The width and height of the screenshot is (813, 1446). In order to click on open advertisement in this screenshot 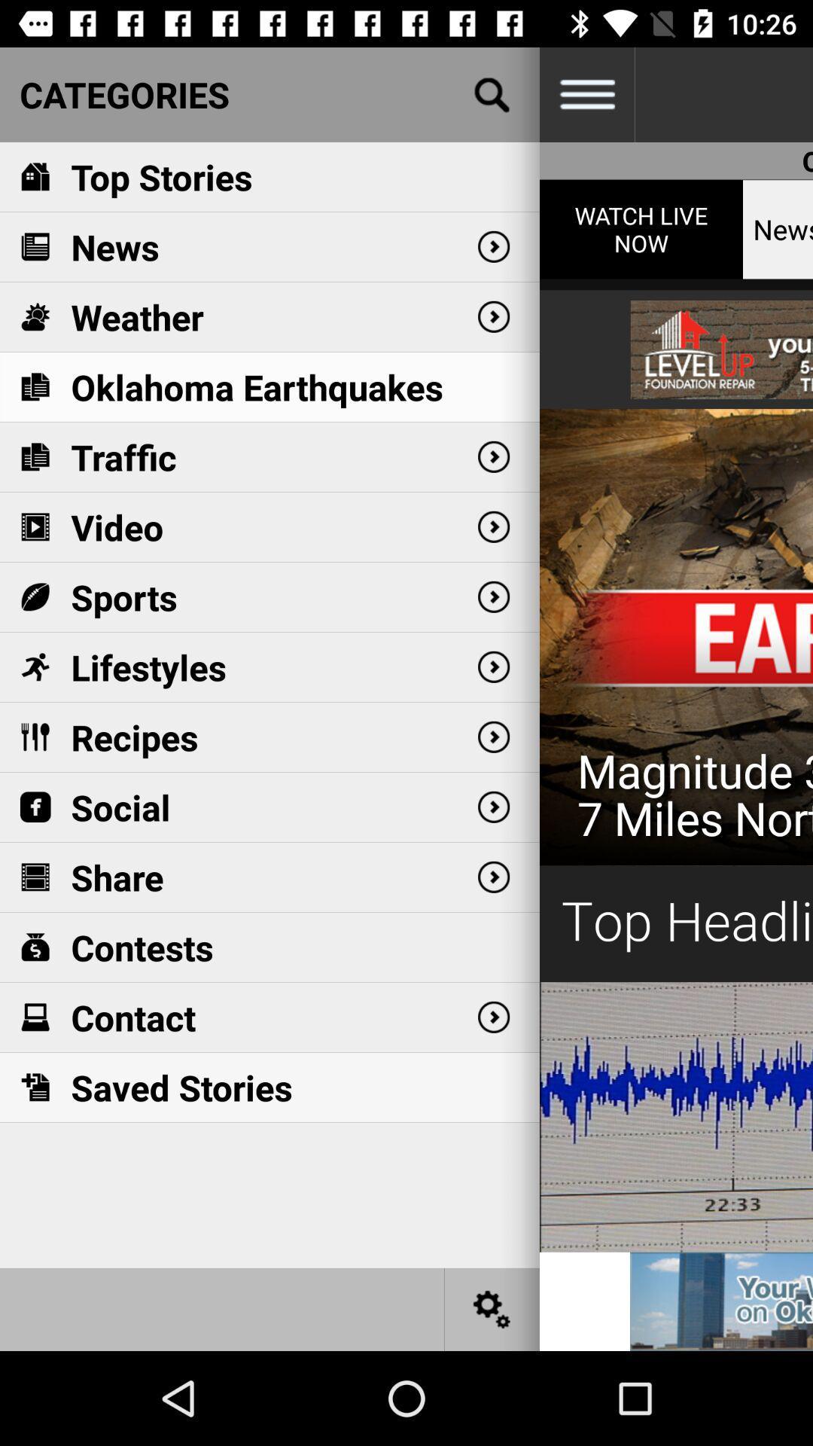, I will do `click(720, 1301)`.